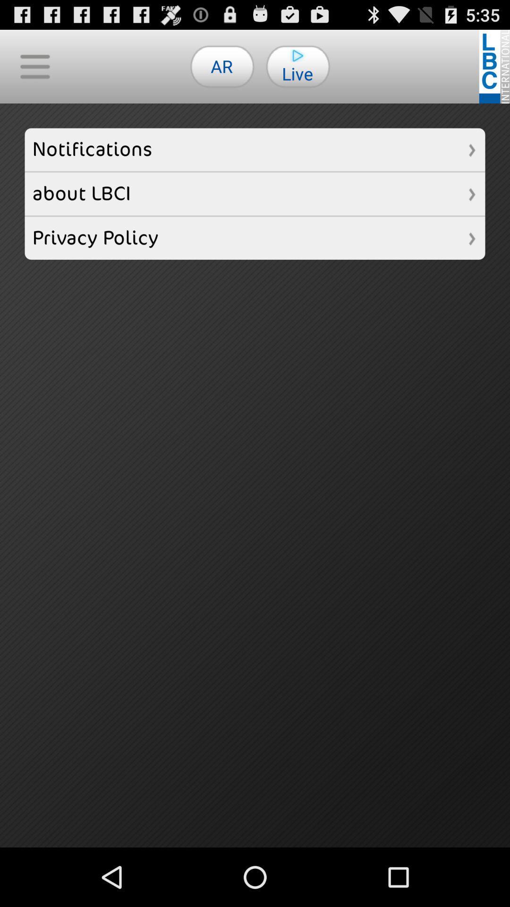  I want to click on item next to the live app, so click(222, 66).